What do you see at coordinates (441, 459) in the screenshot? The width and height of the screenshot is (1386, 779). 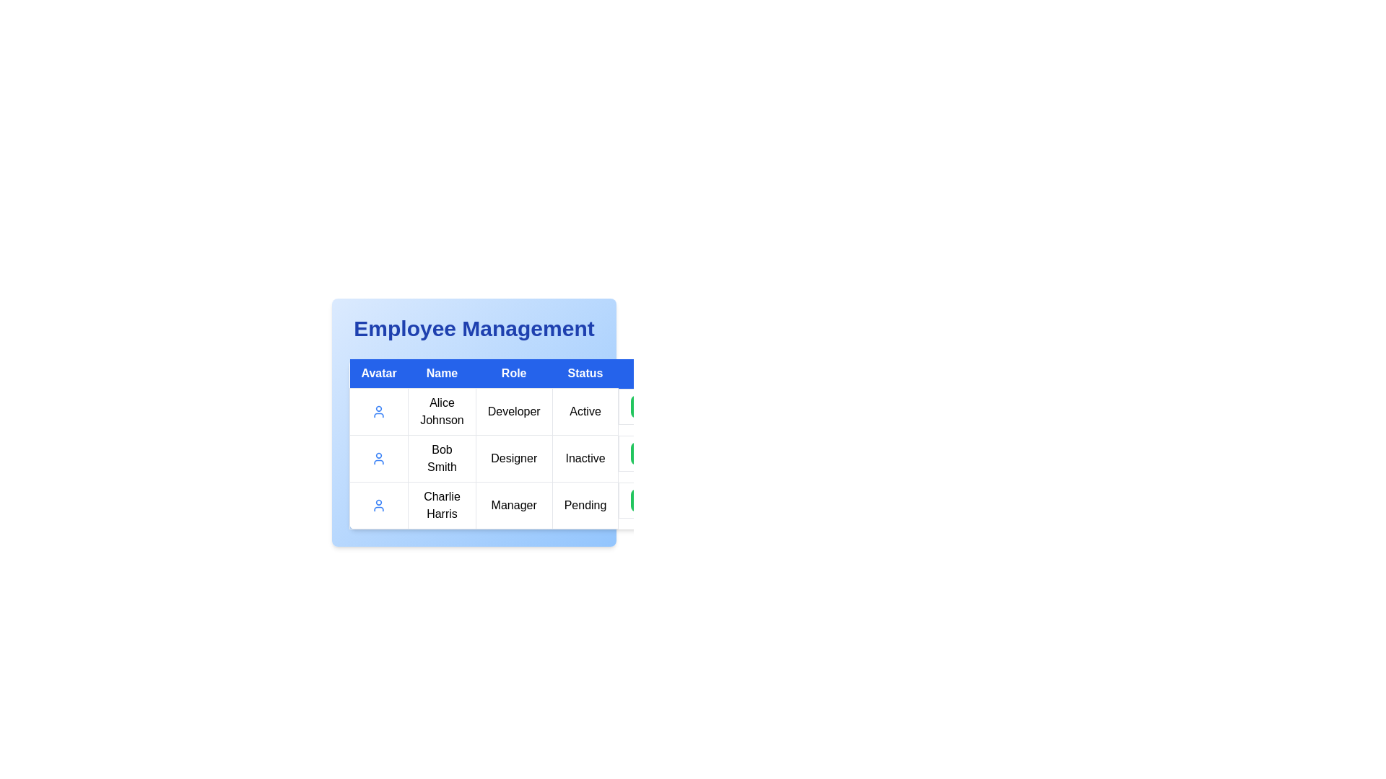 I see `the text label displaying 'Bob Smith'` at bounding box center [441, 459].